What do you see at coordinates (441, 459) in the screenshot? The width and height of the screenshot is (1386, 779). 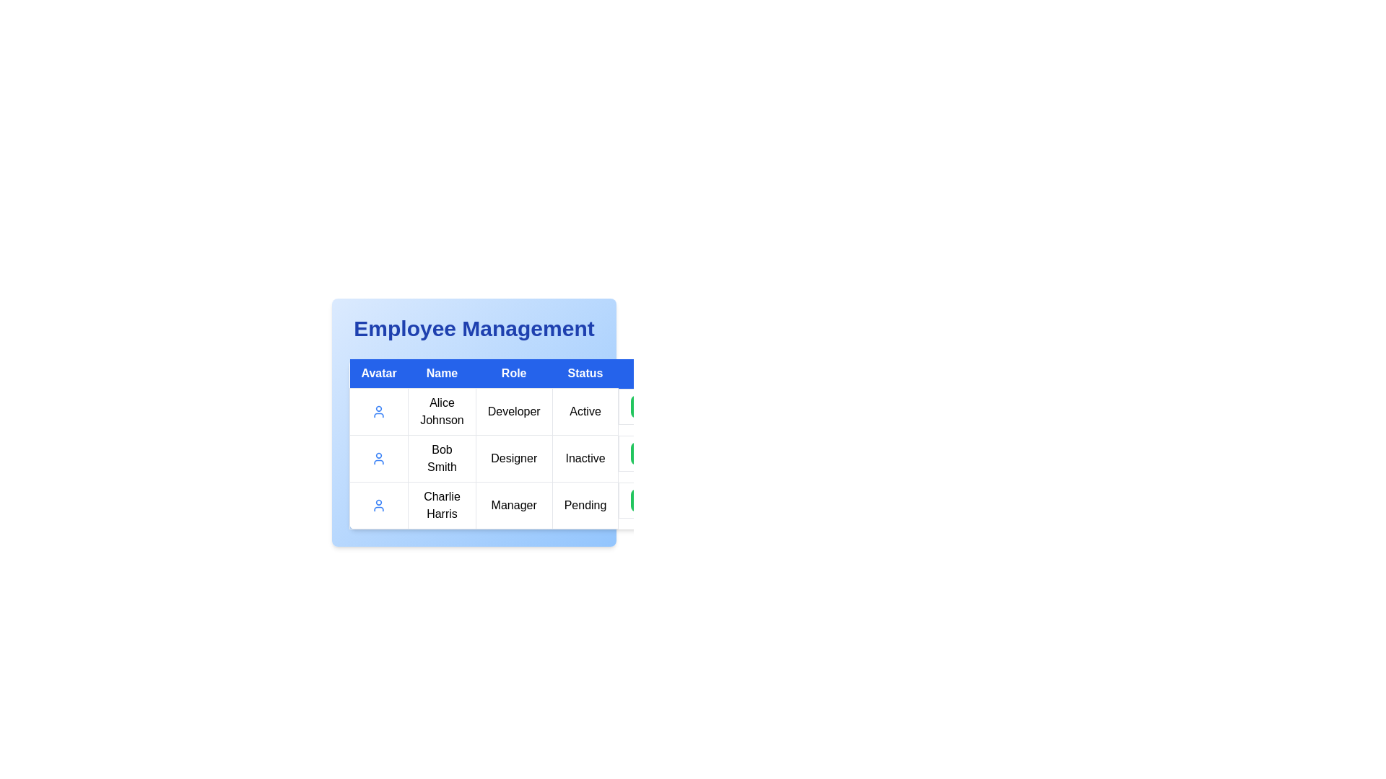 I see `the text label displaying 'Bob Smith'` at bounding box center [441, 459].